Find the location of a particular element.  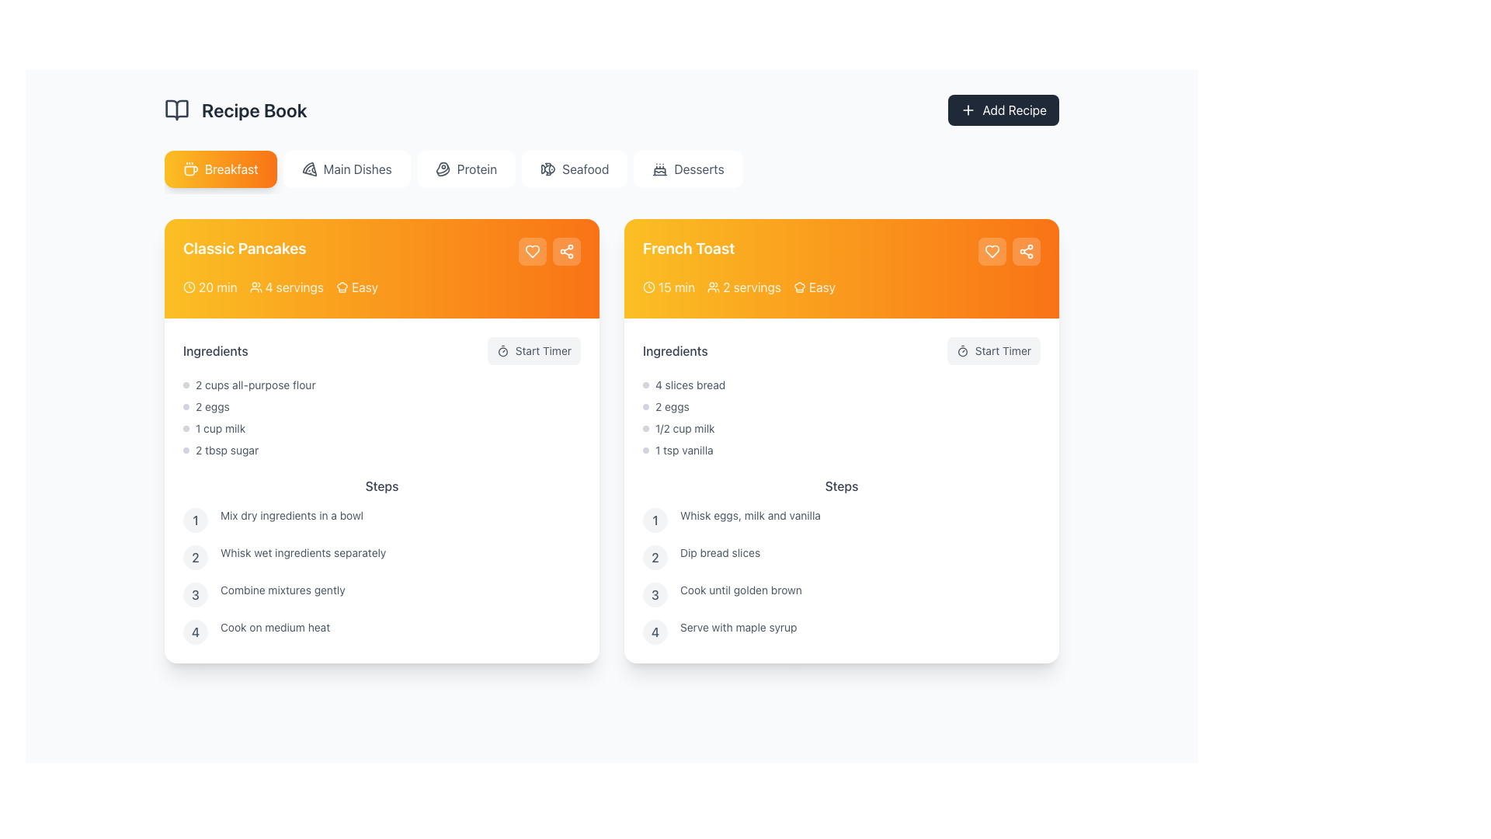

the 'Add Recipe' button located in the top-right corner of the interface, which contains the label 'Add Recipe' and a white '+' icon is located at coordinates (1014, 110).